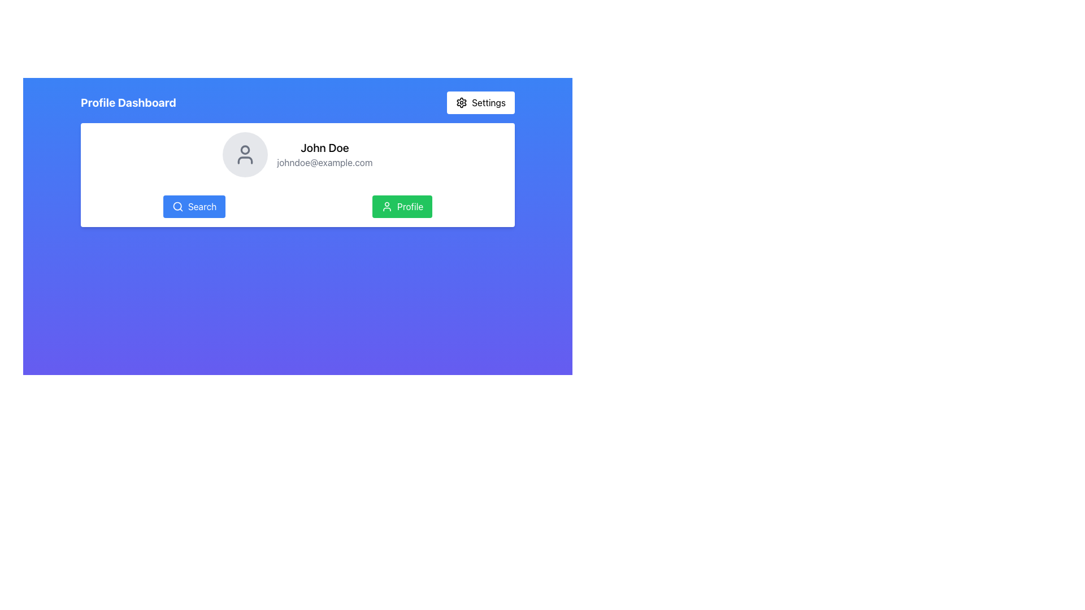 The image size is (1085, 610). I want to click on the text label displaying the email address 'johndoe@example.com', which is styled in gray and located below the name 'John Doe' in the profile section, so click(324, 163).